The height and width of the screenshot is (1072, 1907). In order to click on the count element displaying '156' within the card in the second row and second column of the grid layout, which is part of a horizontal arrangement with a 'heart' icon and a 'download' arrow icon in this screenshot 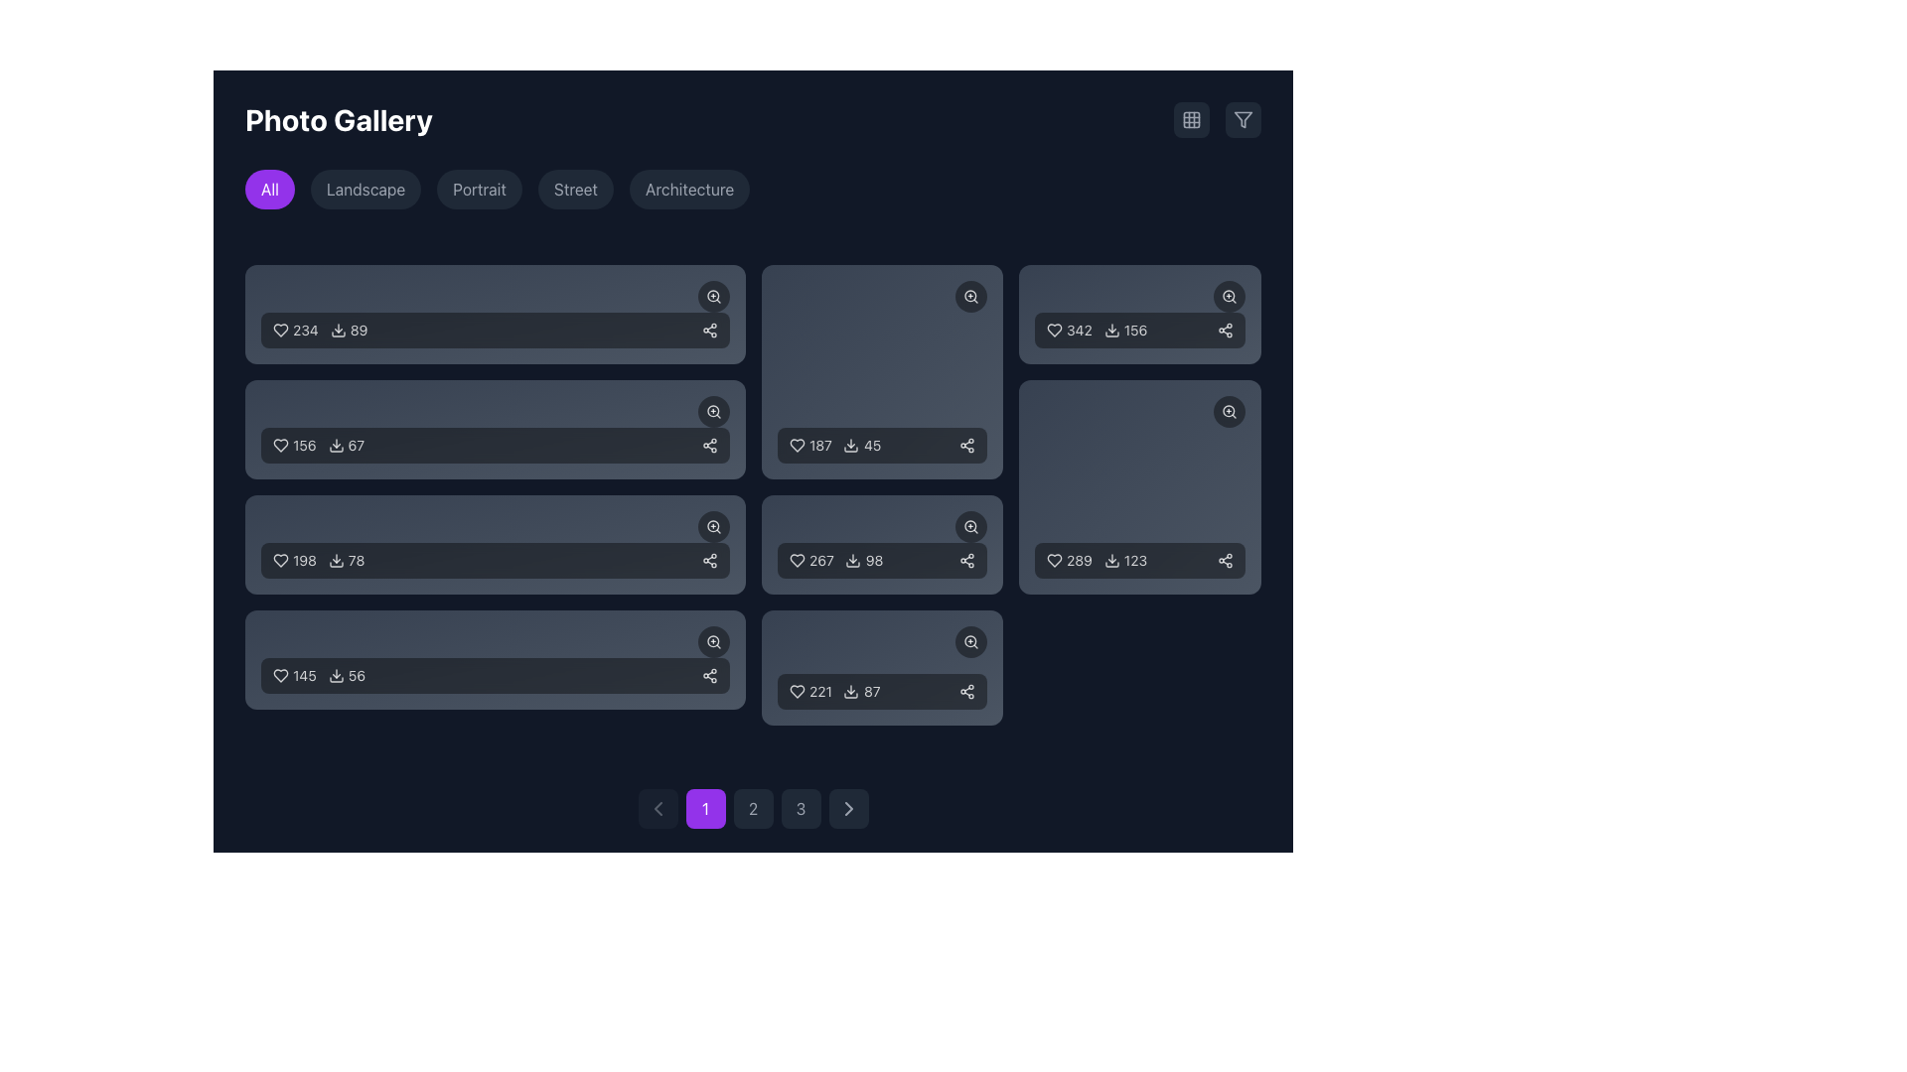, I will do `click(1125, 329)`.